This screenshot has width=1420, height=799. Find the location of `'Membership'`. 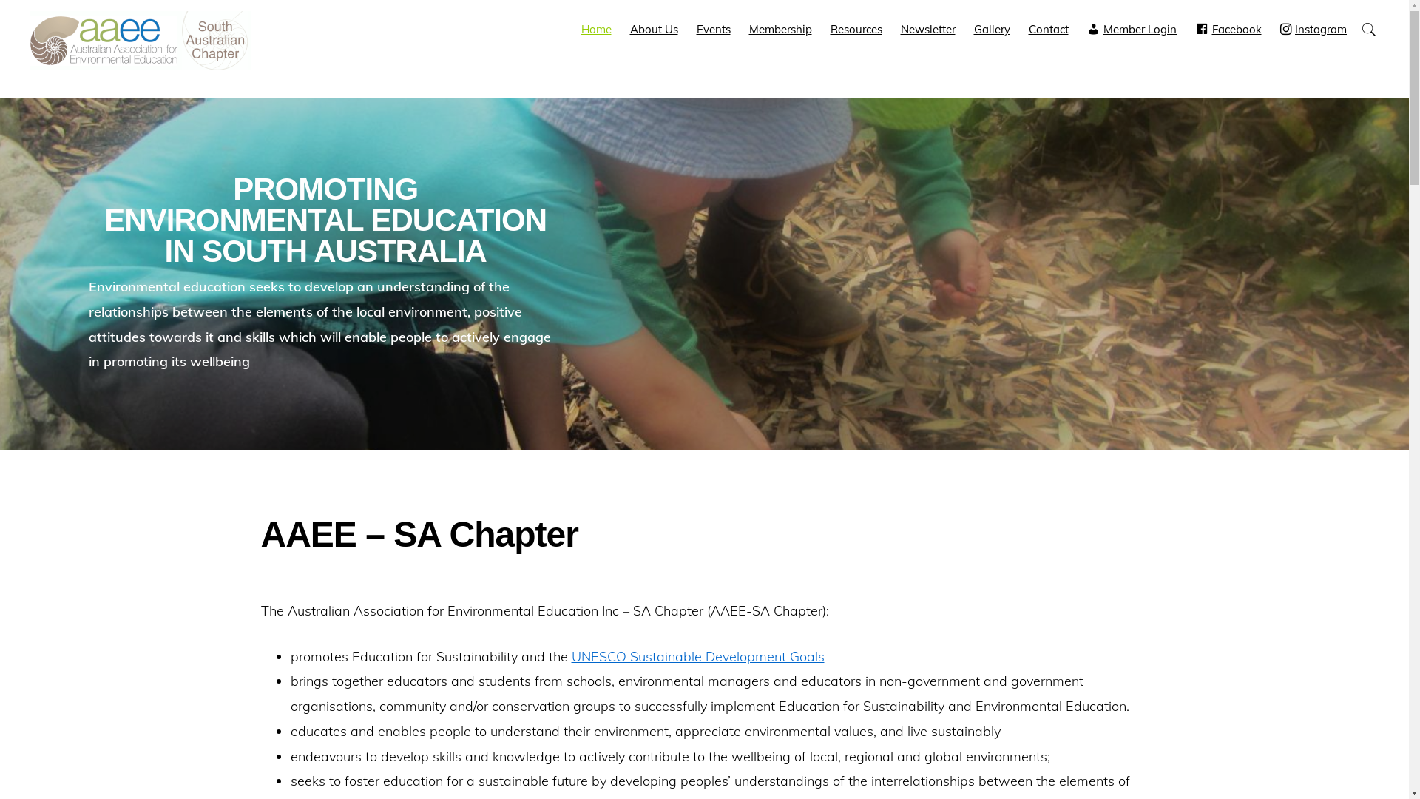

'Membership' is located at coordinates (741, 29).